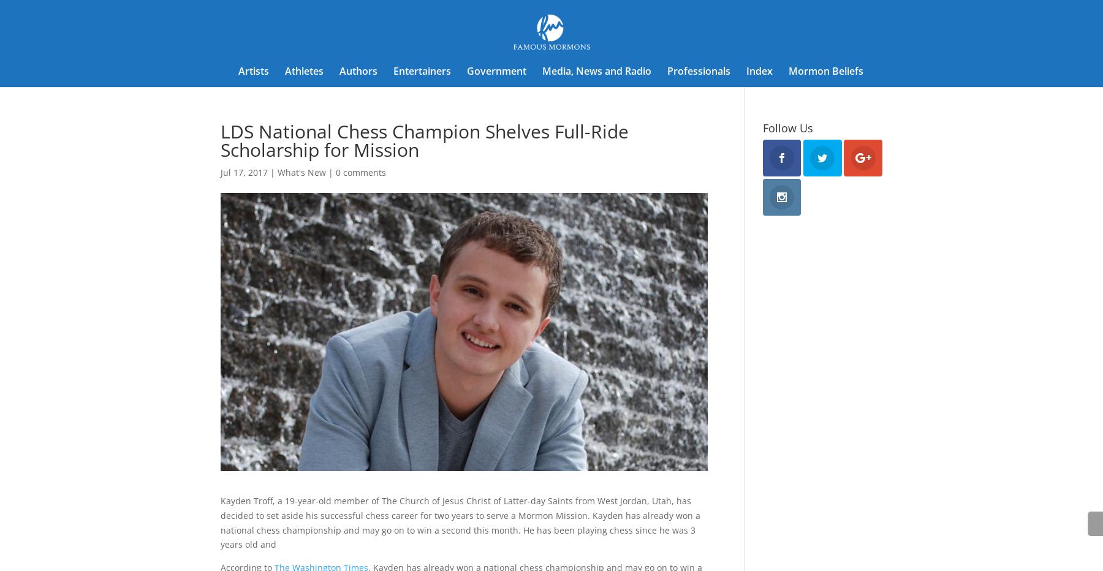 The image size is (1103, 571). What do you see at coordinates (360, 172) in the screenshot?
I see `'0 comments'` at bounding box center [360, 172].